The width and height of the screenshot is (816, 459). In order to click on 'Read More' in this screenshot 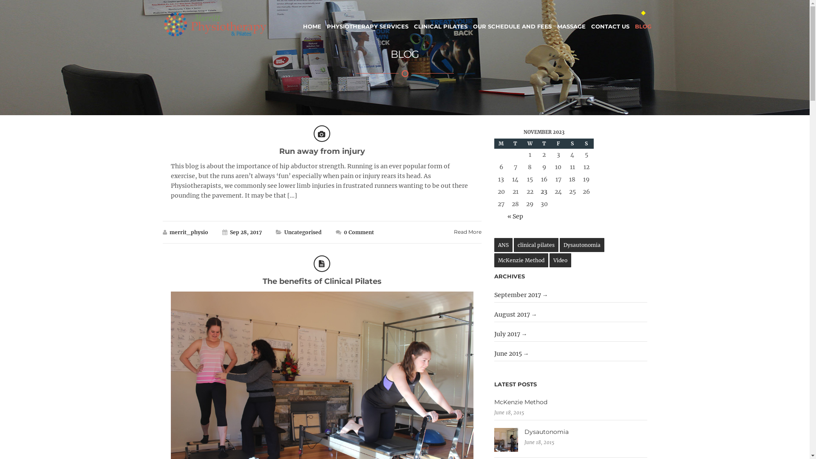, I will do `click(467, 232)`.